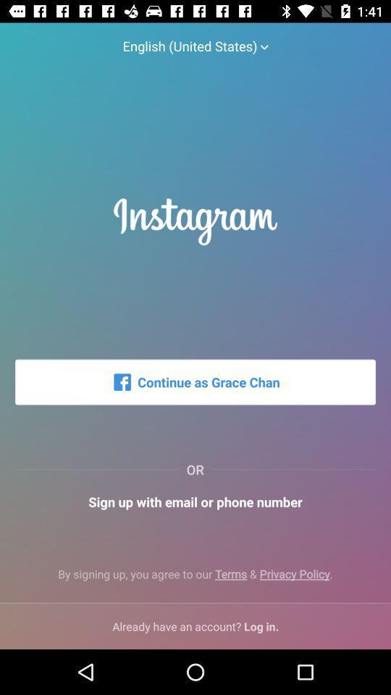 The image size is (391, 695). Describe the element at coordinates (195, 502) in the screenshot. I see `icon below the or icon` at that location.